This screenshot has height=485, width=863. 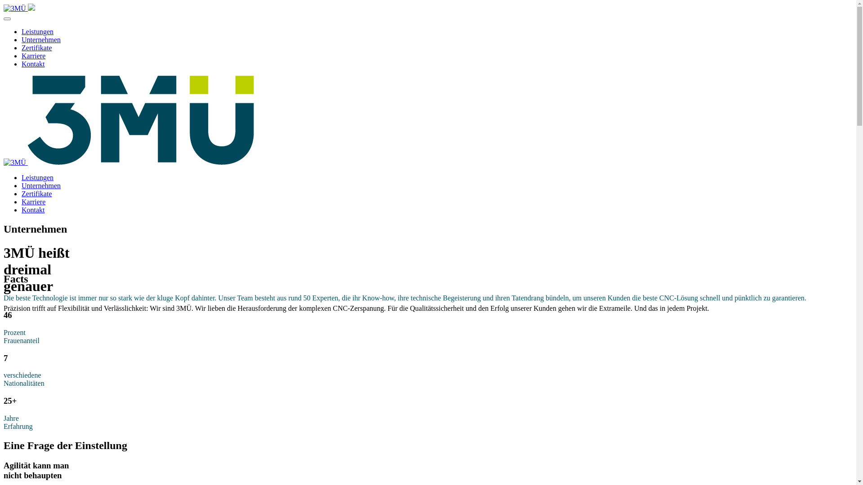 What do you see at coordinates (22, 31) in the screenshot?
I see `'Leistungen'` at bounding box center [22, 31].